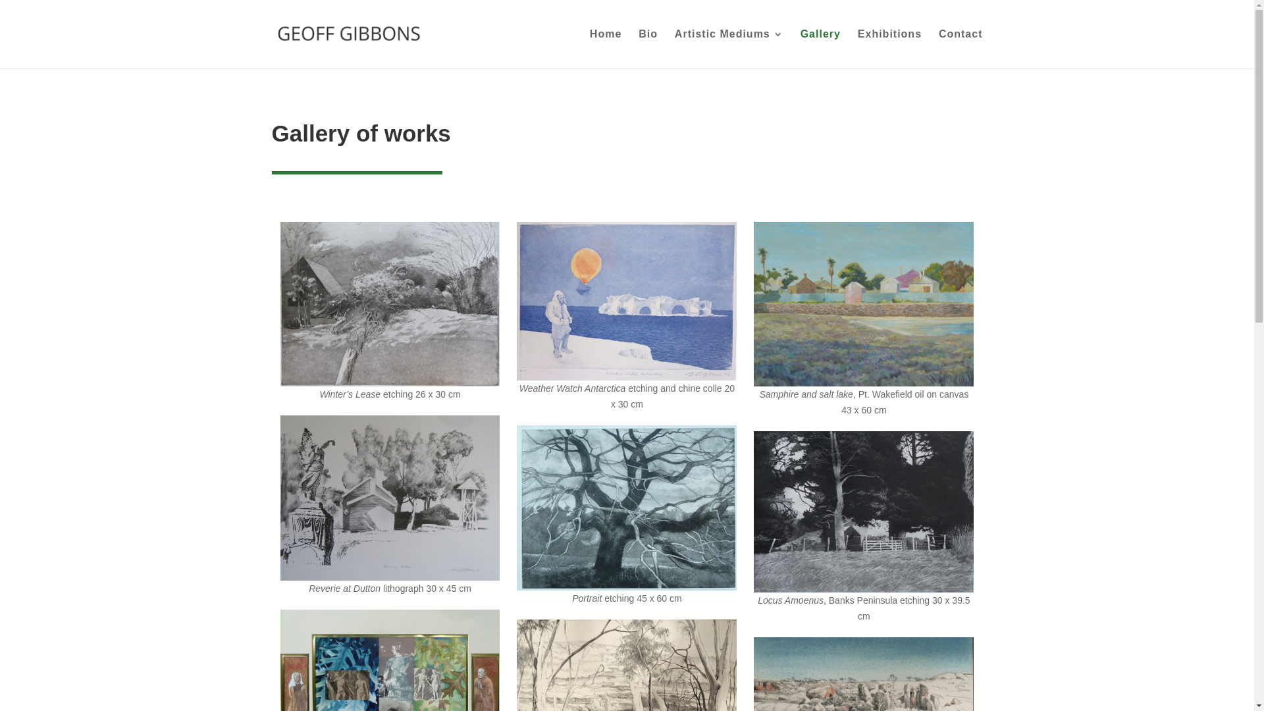 The height and width of the screenshot is (711, 1264). Describe the element at coordinates (605, 48) in the screenshot. I see `'Home'` at that location.